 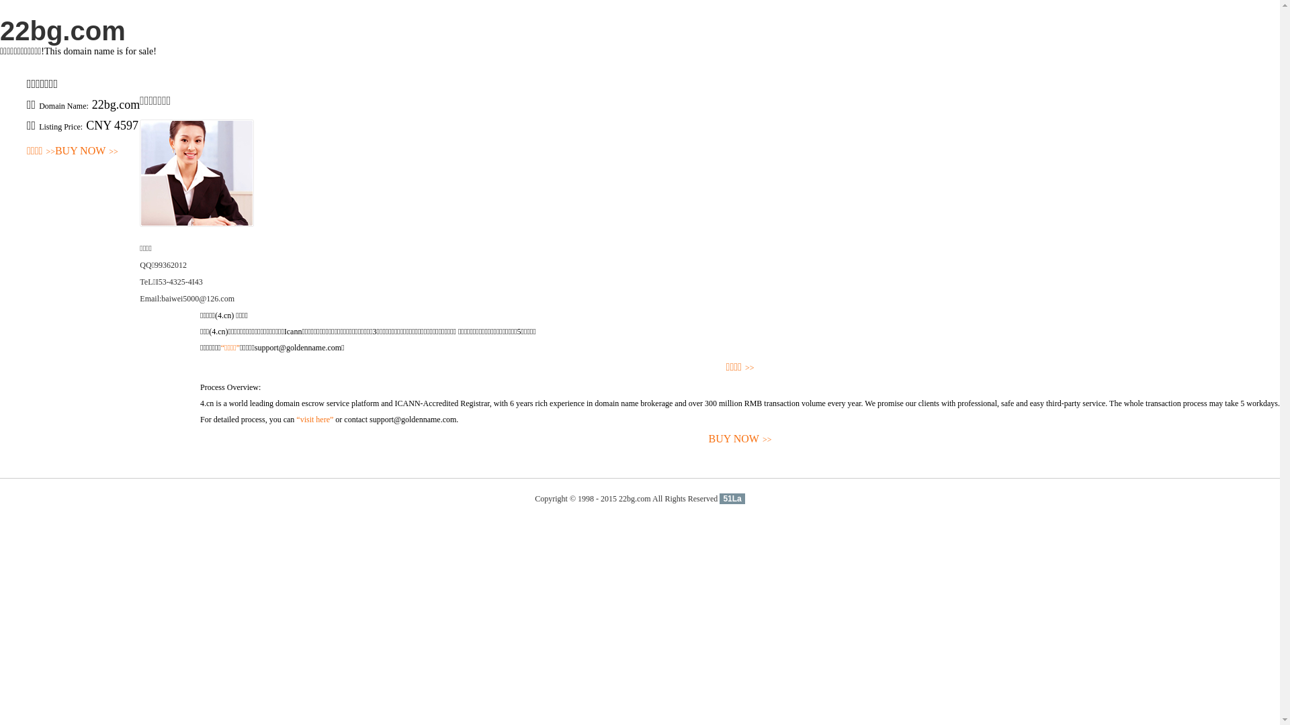 What do you see at coordinates (739, 439) in the screenshot?
I see `'BUY NOW>>'` at bounding box center [739, 439].